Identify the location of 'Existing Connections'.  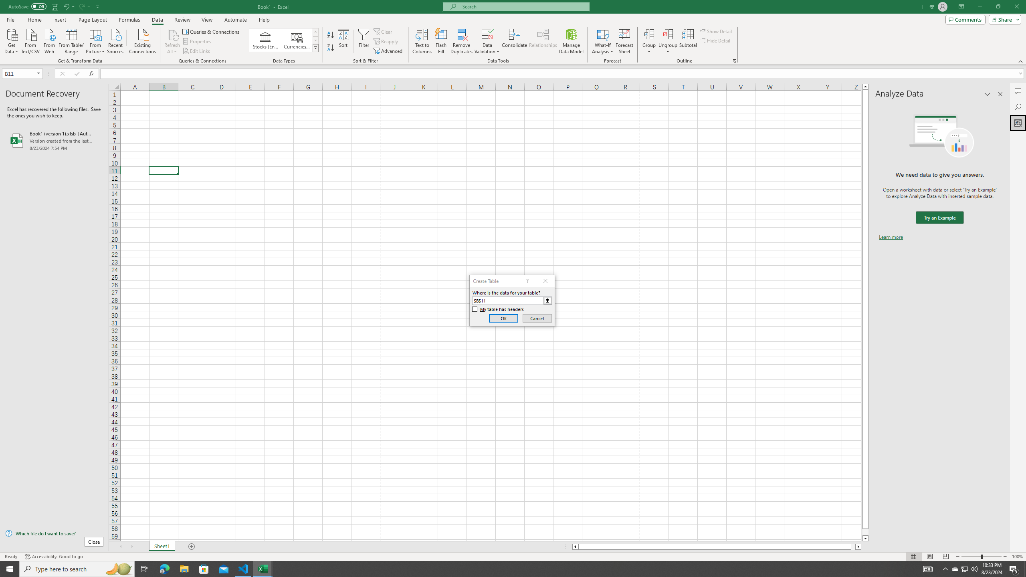
(142, 40).